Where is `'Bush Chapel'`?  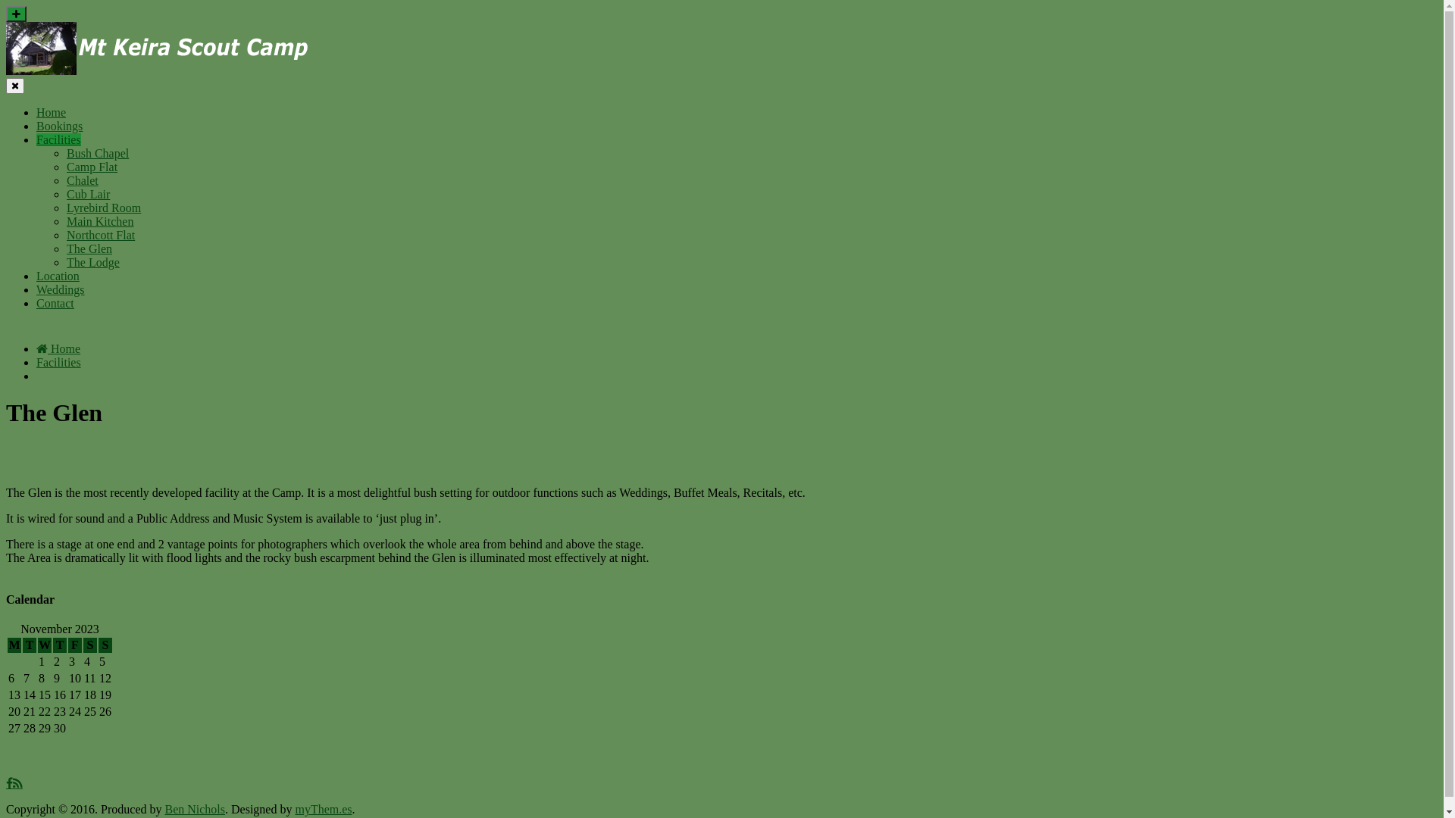 'Bush Chapel' is located at coordinates (97, 153).